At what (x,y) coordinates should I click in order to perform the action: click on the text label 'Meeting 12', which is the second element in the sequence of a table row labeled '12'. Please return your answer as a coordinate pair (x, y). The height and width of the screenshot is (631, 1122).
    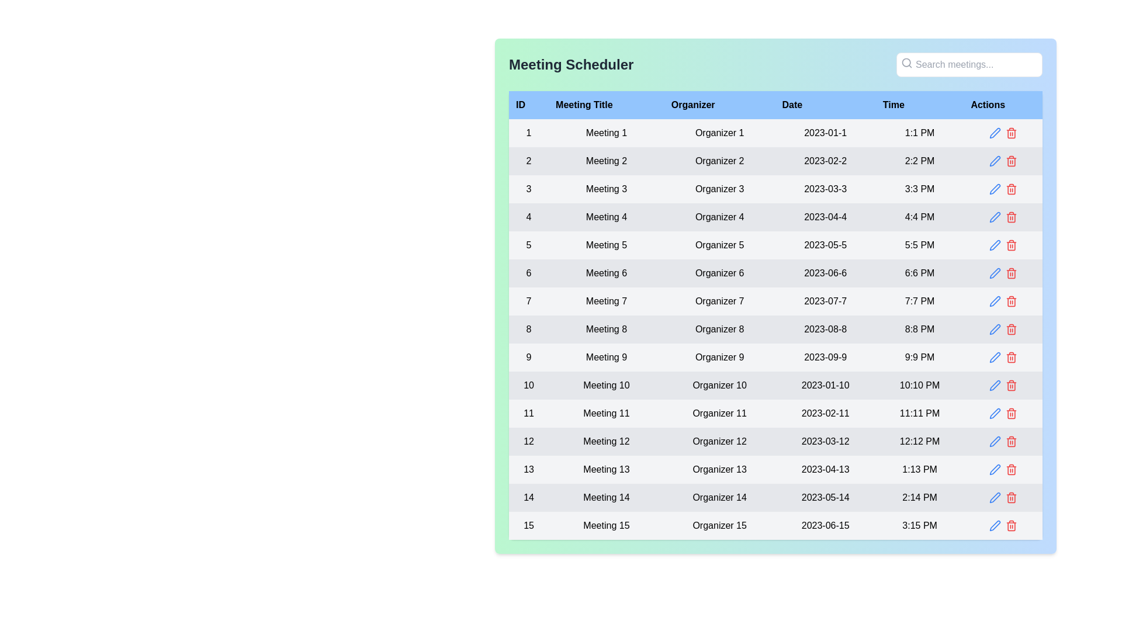
    Looking at the image, I should click on (606, 442).